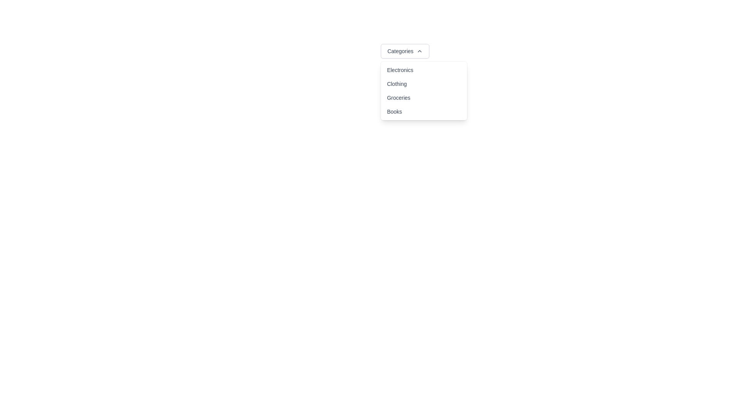 The image size is (740, 416). I want to click on the 'Groceries' item in the dropdown menu, so click(424, 97).